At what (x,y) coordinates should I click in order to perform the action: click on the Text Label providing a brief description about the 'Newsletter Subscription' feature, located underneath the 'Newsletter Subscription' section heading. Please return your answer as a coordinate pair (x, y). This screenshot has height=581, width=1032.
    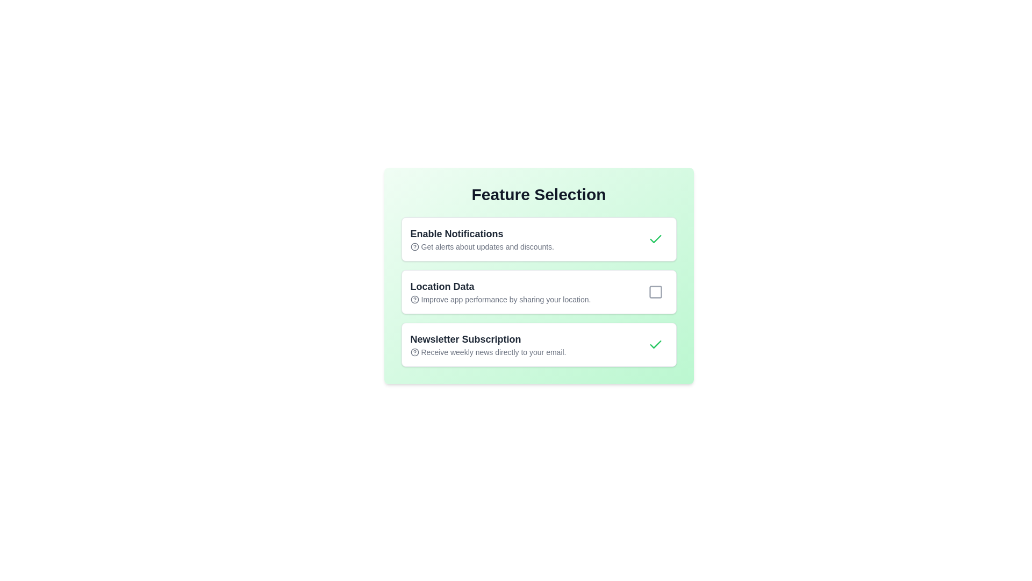
    Looking at the image, I should click on (488, 352).